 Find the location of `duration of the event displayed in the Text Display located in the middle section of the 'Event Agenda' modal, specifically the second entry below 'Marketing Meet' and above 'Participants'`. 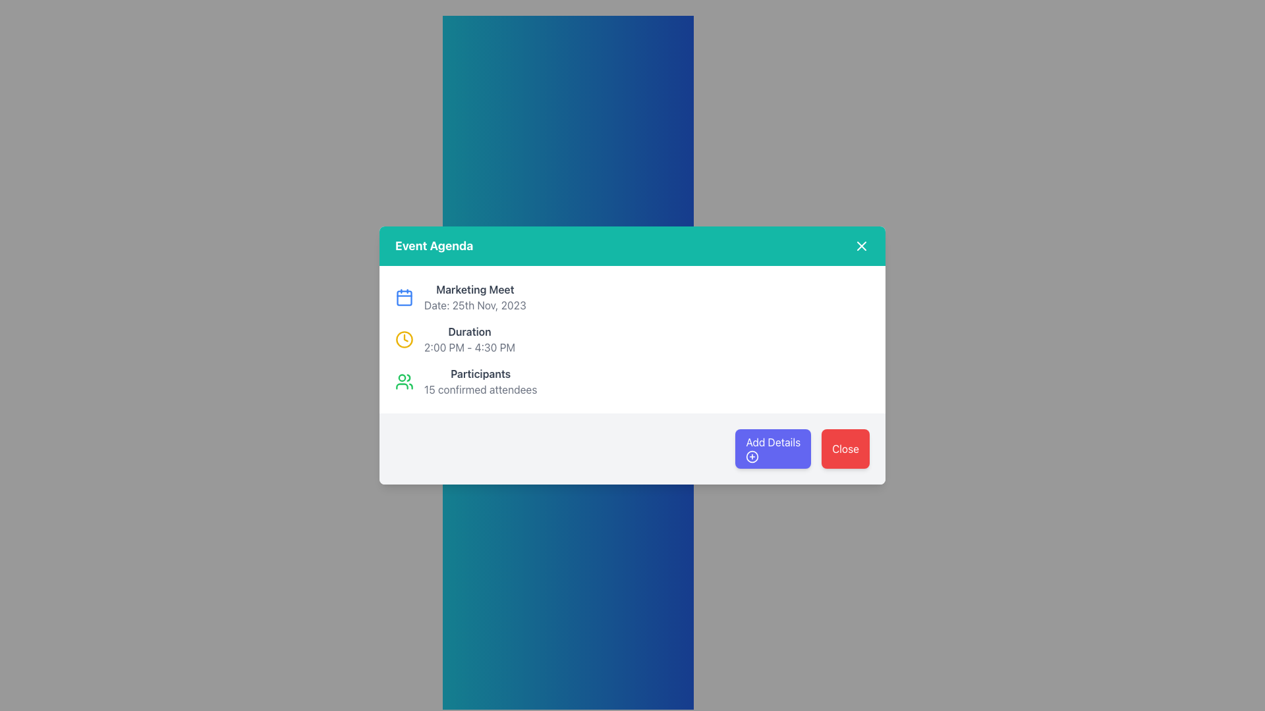

duration of the event displayed in the Text Display located in the middle section of the 'Event Agenda' modal, specifically the second entry below 'Marketing Meet' and above 'Participants' is located at coordinates (470, 339).